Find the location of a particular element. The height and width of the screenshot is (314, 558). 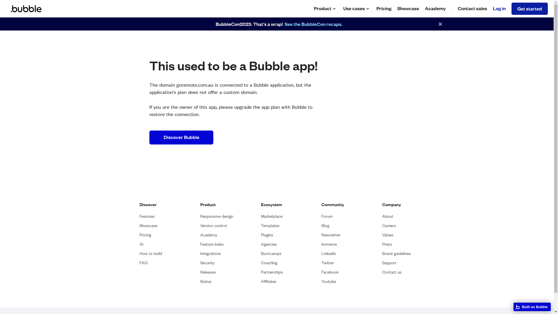

'Contact us' is located at coordinates (392, 272).